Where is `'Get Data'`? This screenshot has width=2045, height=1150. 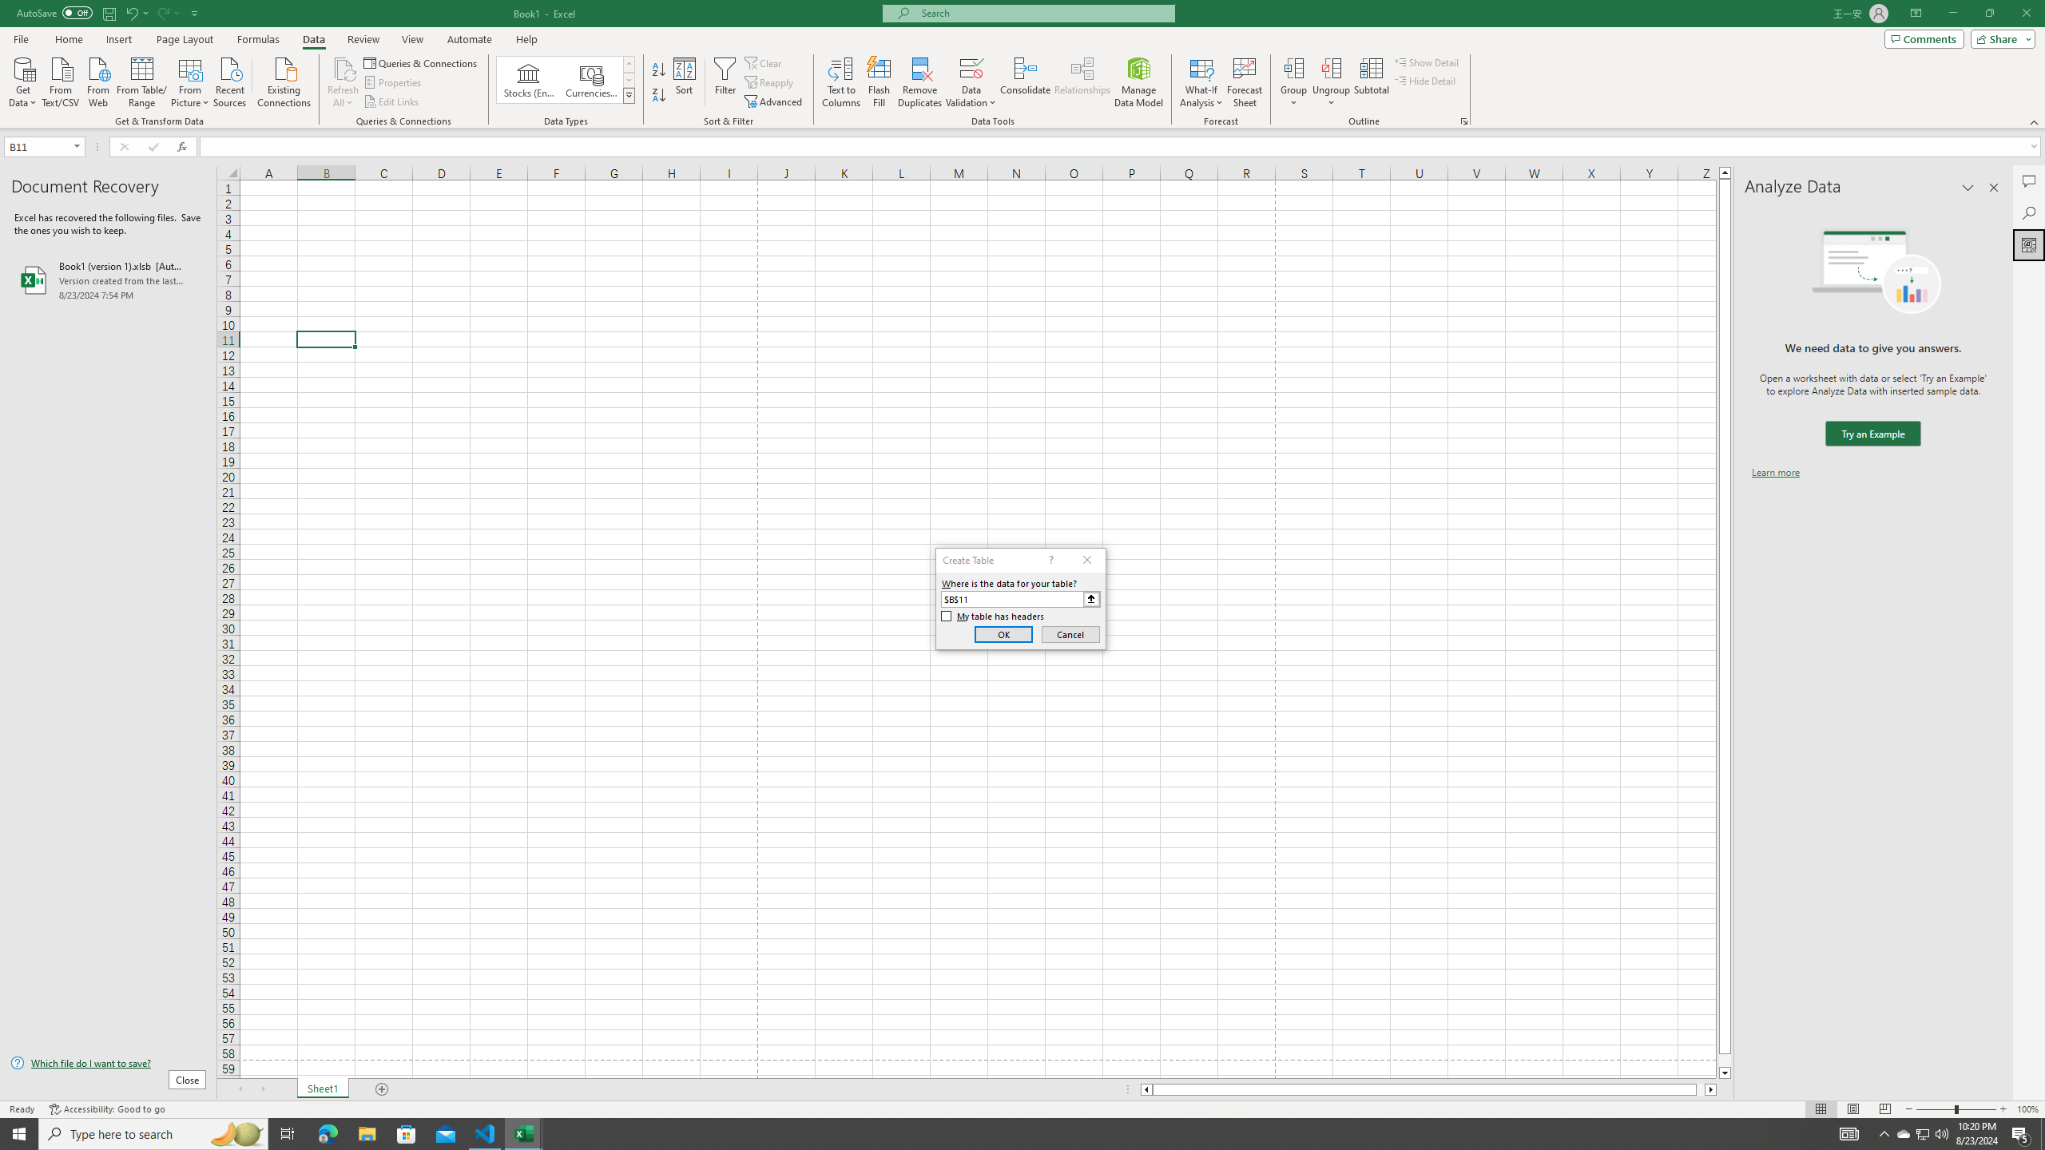 'Get Data' is located at coordinates (22, 80).